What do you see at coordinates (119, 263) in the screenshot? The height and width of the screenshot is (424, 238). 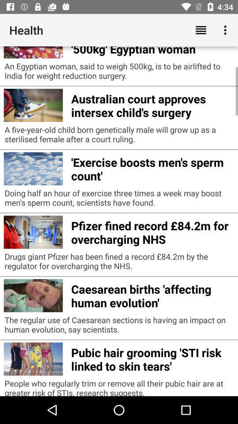 I see `drugs giant pfizer icon` at bounding box center [119, 263].